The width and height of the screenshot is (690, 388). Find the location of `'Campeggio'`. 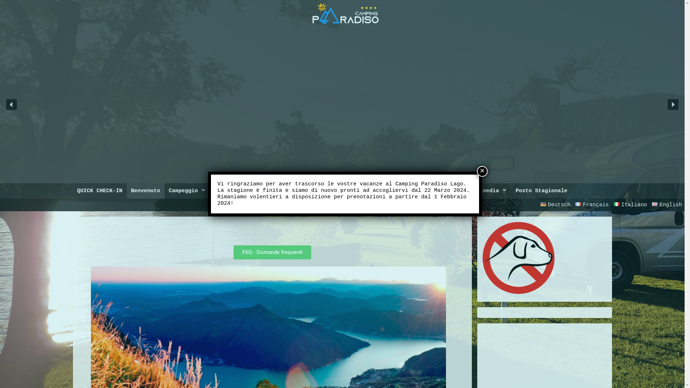

'Campeggio' is located at coordinates (187, 190).